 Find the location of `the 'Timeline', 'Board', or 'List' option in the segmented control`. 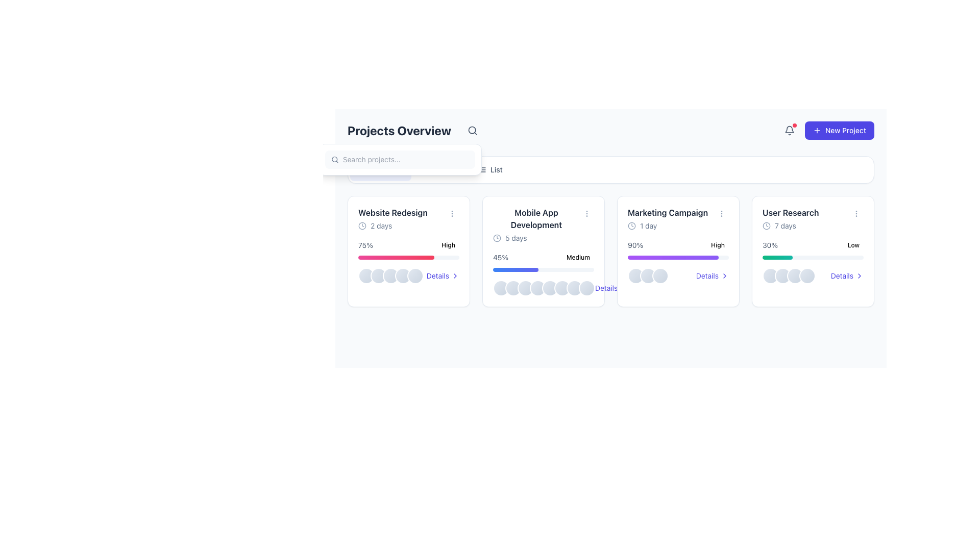

the 'Timeline', 'Board', or 'List' option in the segmented control is located at coordinates (610, 169).